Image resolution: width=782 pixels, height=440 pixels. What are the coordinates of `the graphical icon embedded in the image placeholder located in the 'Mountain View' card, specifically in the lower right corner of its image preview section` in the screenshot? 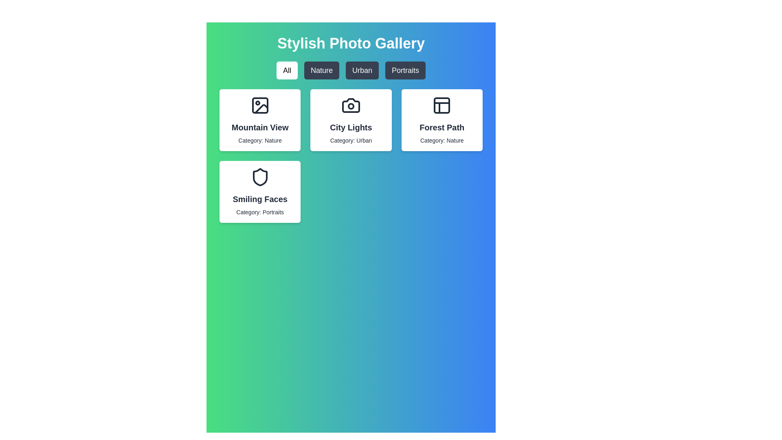 It's located at (261, 108).